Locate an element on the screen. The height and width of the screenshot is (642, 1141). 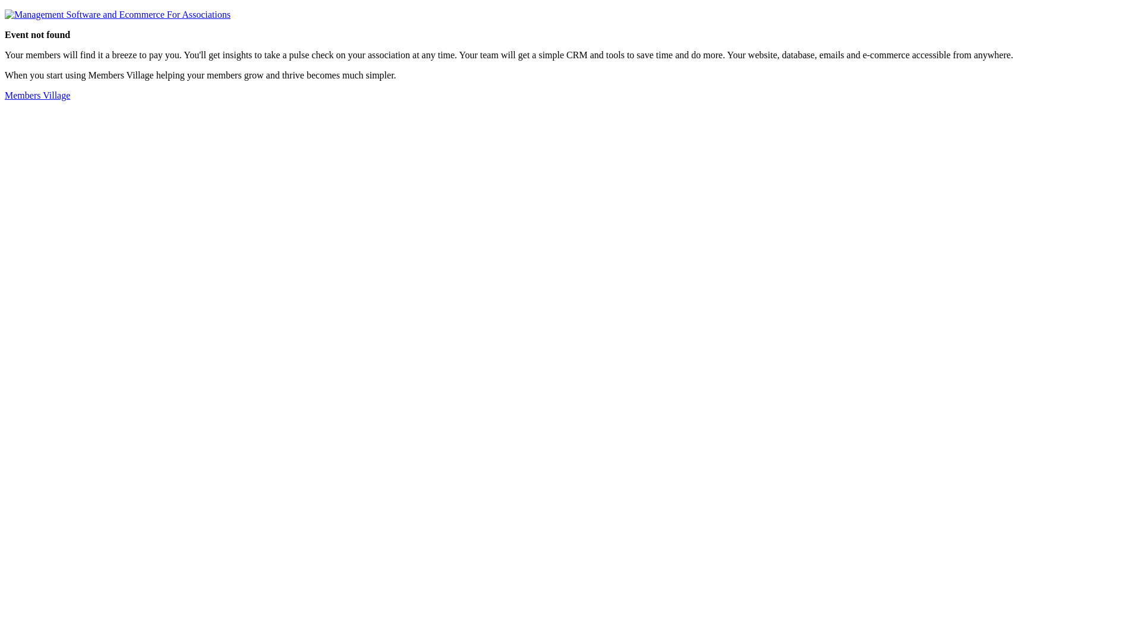
'Members Village' is located at coordinates (37, 95).